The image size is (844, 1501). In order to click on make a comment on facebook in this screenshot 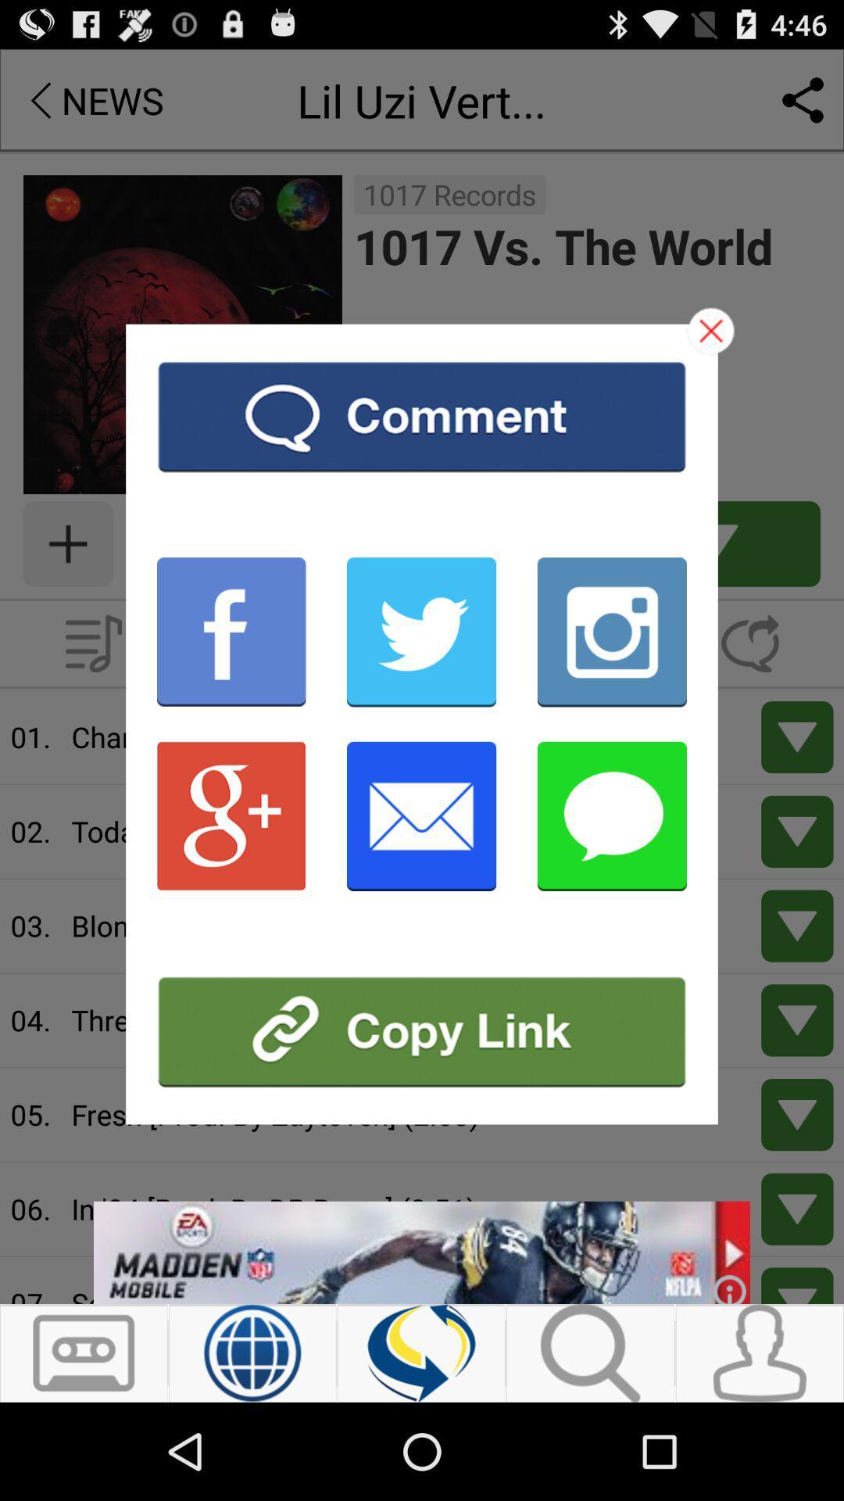, I will do `click(231, 632)`.